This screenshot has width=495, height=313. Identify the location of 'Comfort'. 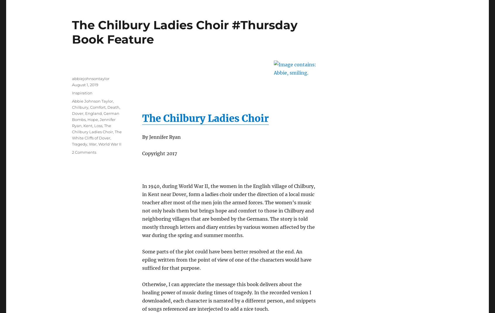
(97, 106).